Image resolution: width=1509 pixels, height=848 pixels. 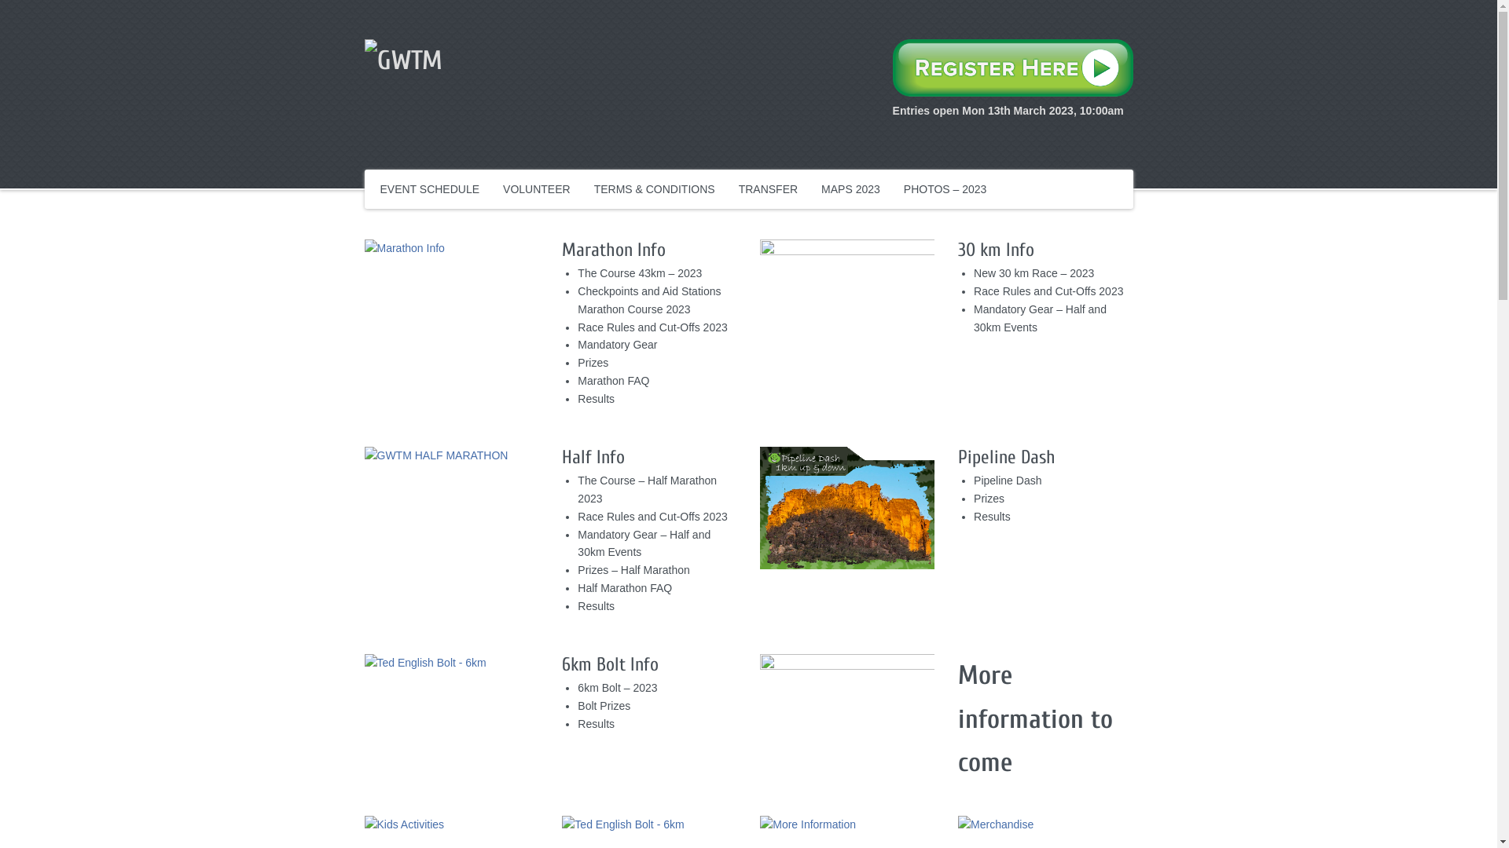 I want to click on 'Bolt Prizes', so click(x=576, y=704).